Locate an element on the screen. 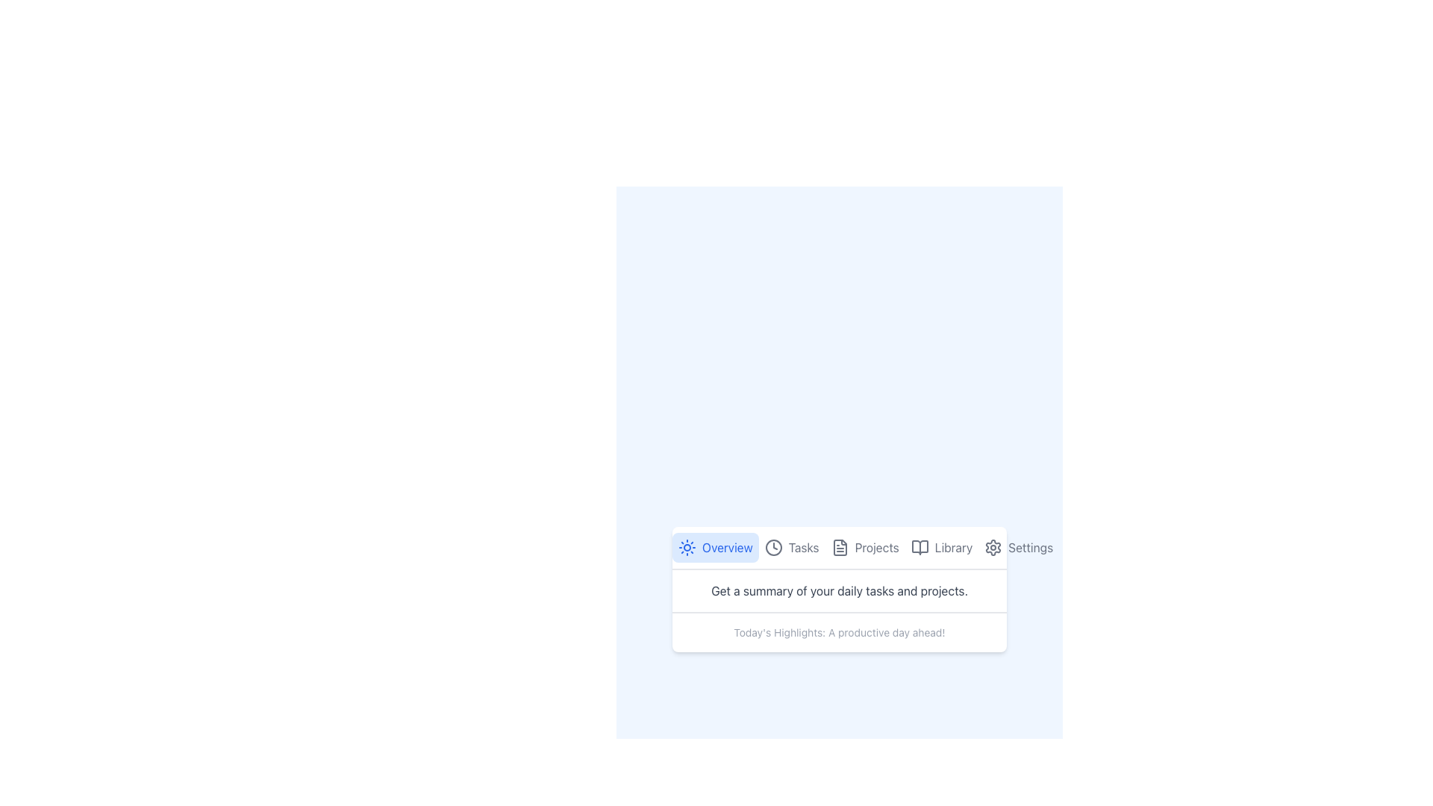 The width and height of the screenshot is (1433, 806). the gear icon located in the settings section is located at coordinates (993, 547).